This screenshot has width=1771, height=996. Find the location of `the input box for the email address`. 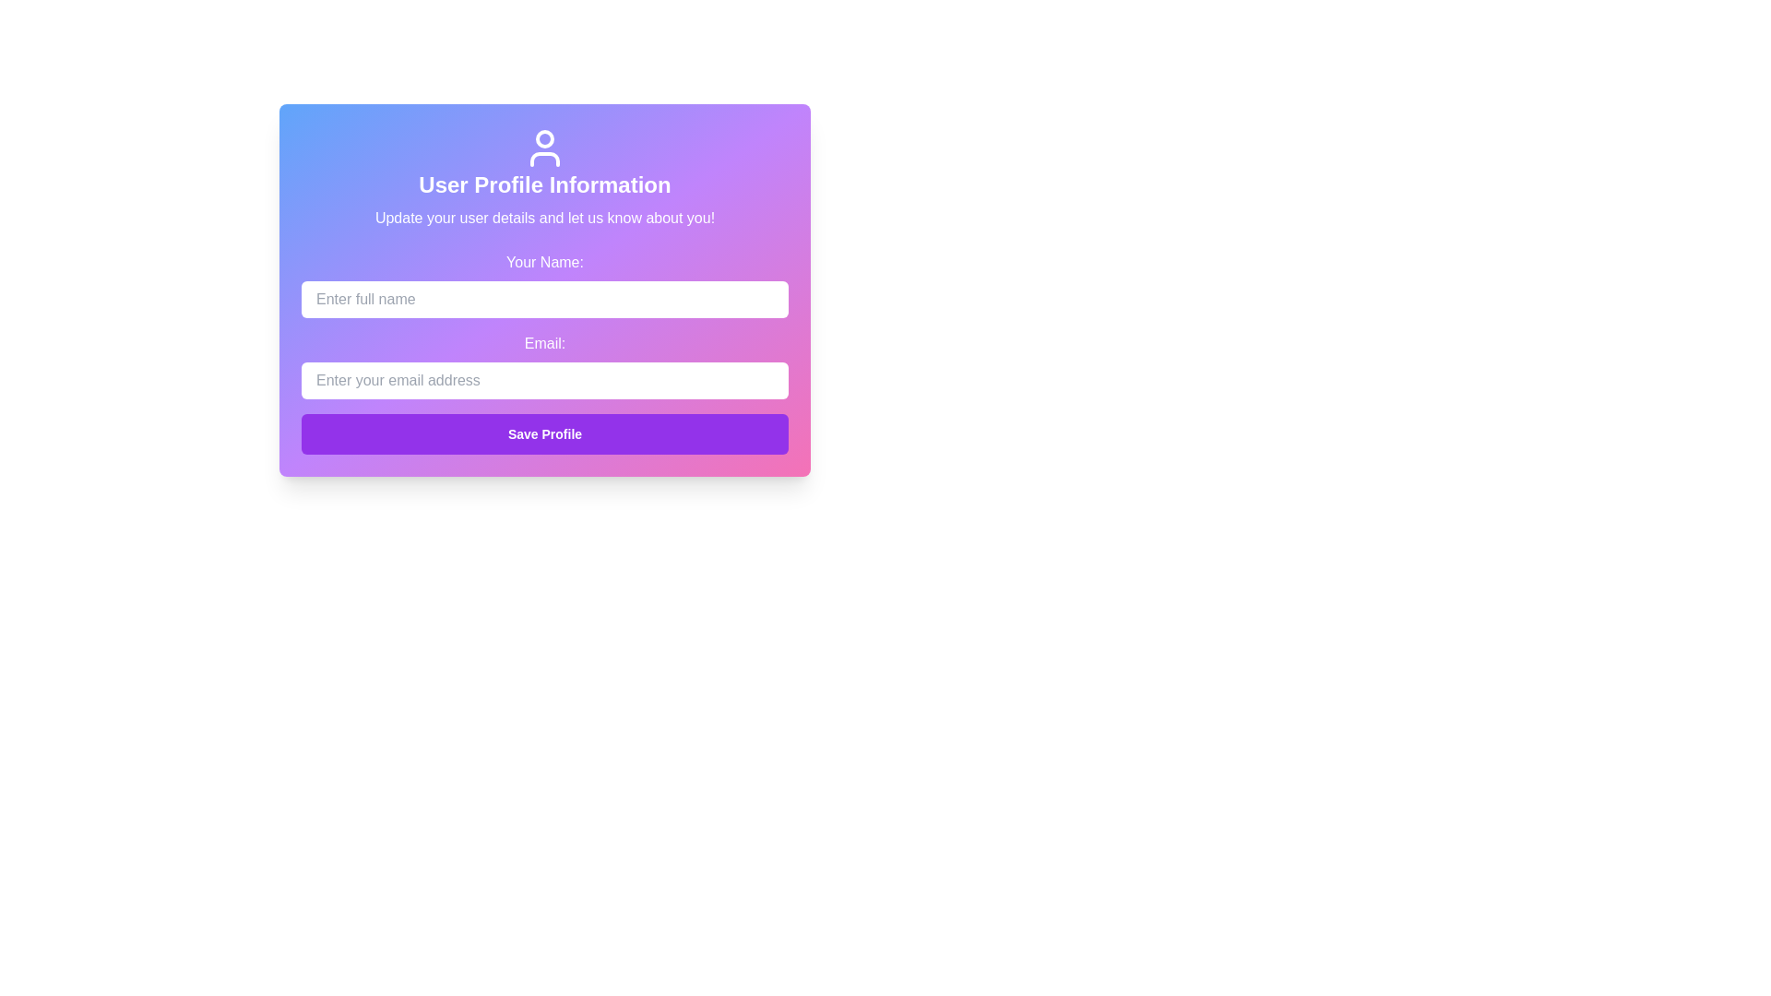

the input box for the email address is located at coordinates (543, 366).